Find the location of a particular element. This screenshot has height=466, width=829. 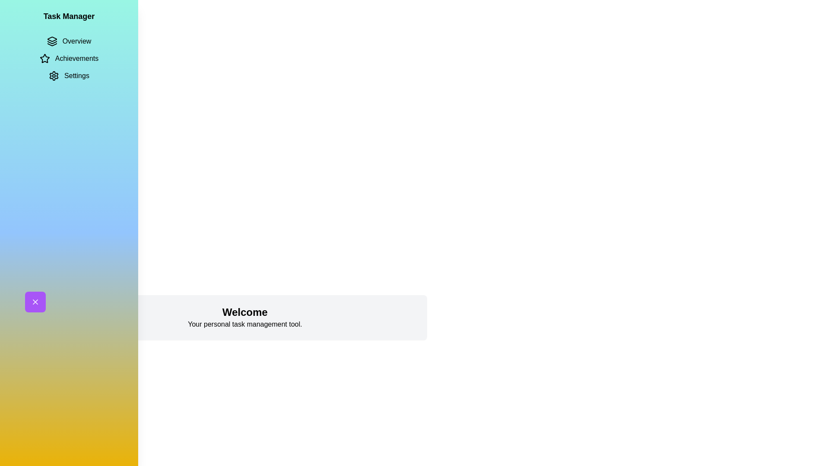

the diagonal cross icon located at the bottom-left corner of the sidebar is located at coordinates (35, 301).